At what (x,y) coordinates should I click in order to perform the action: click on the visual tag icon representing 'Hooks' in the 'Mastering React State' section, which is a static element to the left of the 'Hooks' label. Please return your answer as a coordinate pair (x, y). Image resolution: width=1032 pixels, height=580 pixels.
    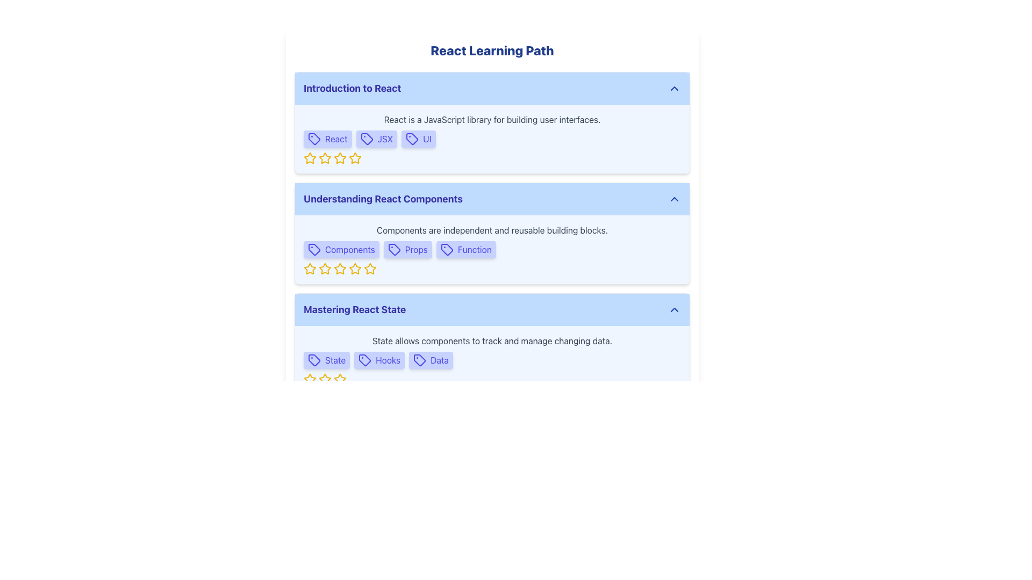
    Looking at the image, I should click on (365, 360).